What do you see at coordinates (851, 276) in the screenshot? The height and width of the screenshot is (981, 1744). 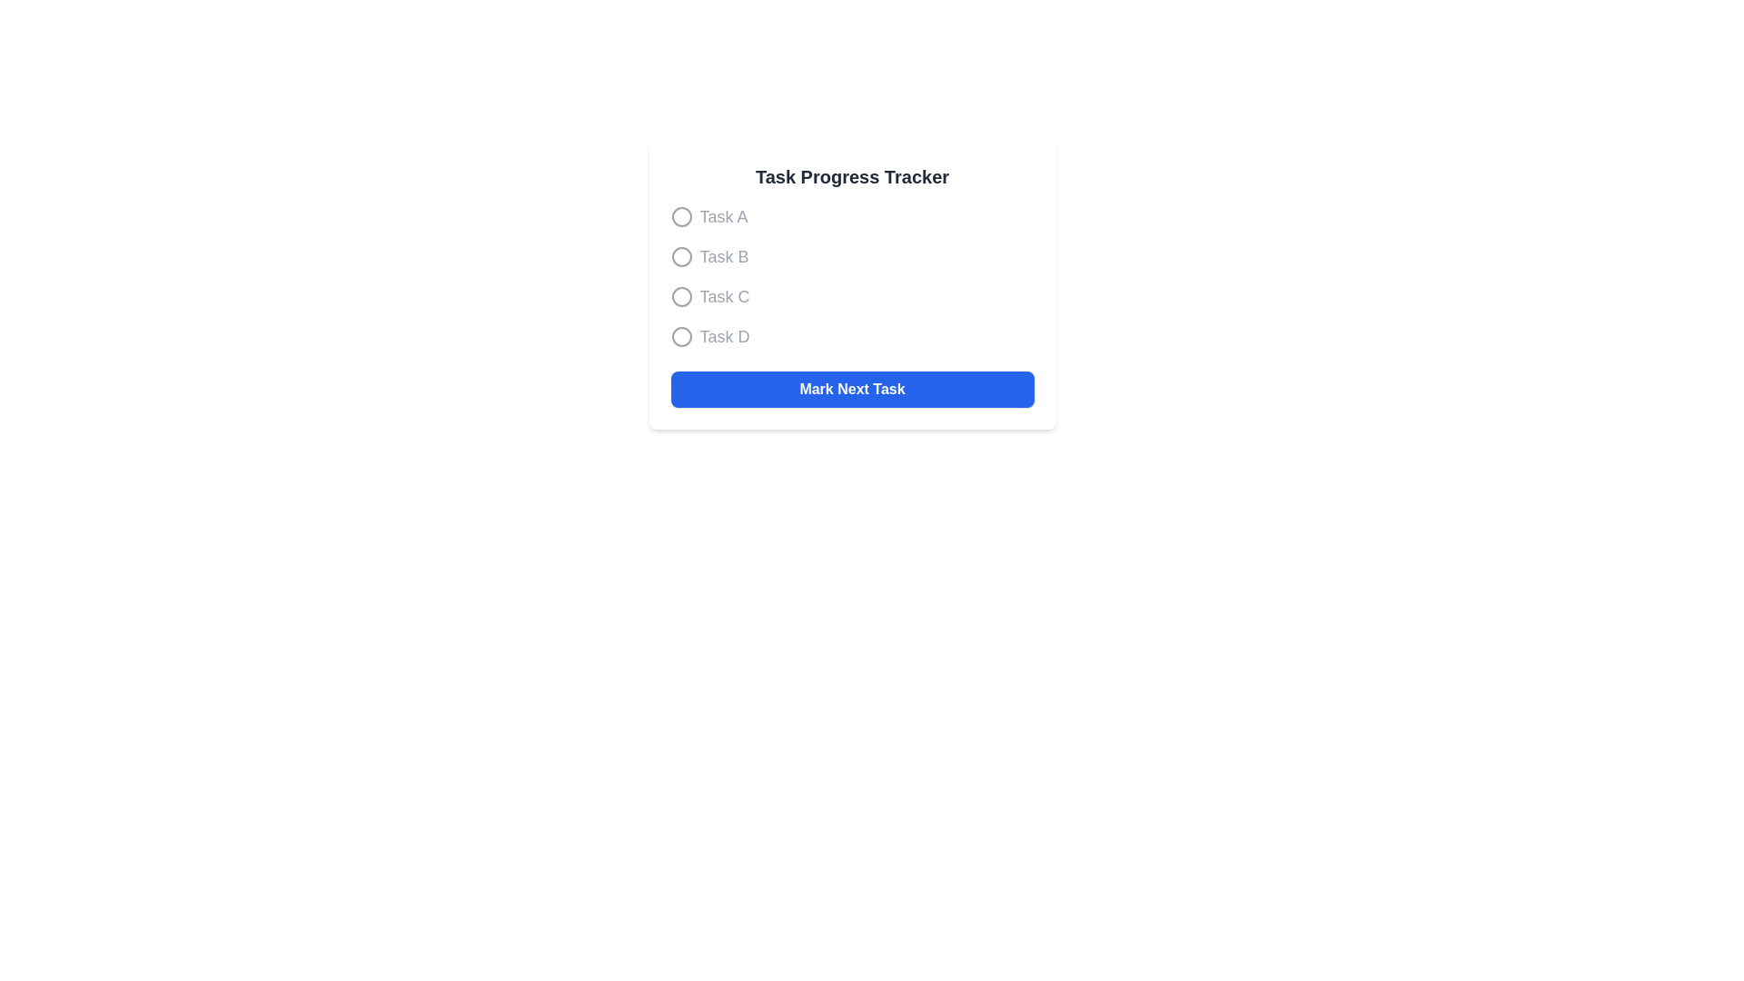 I see `the group of labeled items or checklist elements that contains 'Task A', 'Task B', 'Task C', and 'Task D', which is centrally positioned below the title 'Task Progress Tracker'` at bounding box center [851, 276].